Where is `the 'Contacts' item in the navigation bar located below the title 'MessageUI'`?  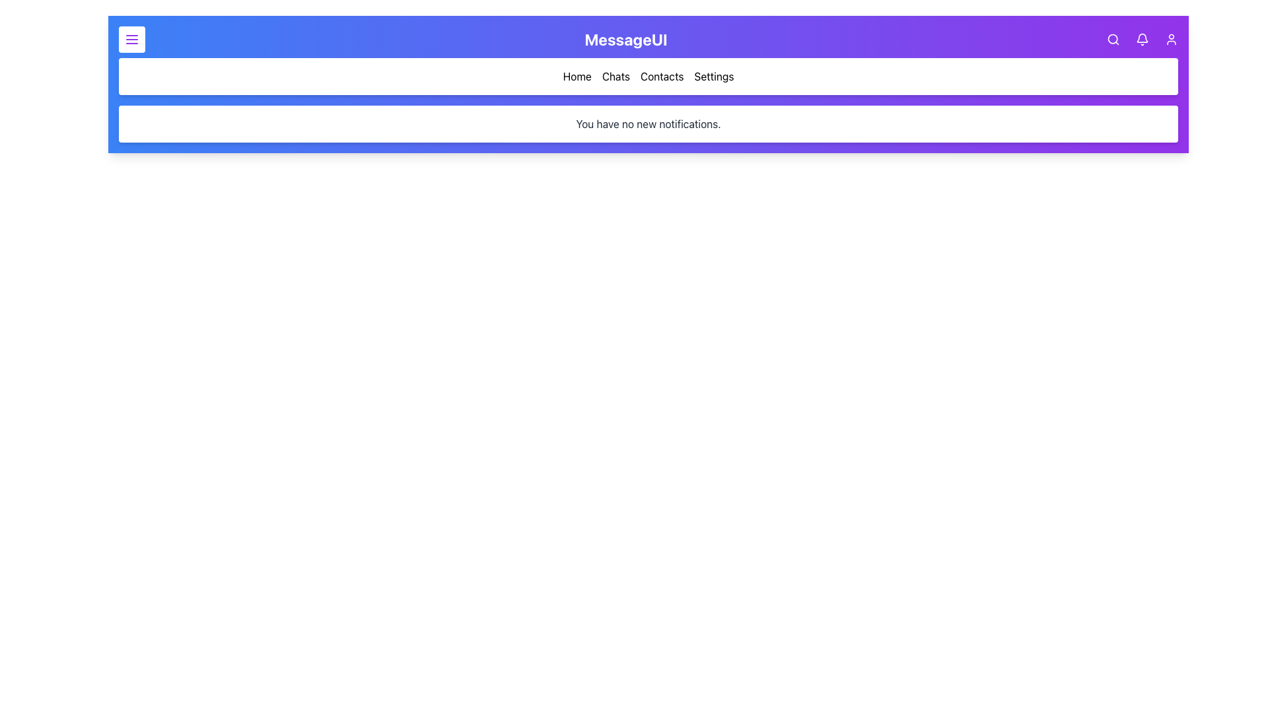
the 'Contacts' item in the navigation bar located below the title 'MessageUI' is located at coordinates (649, 76).